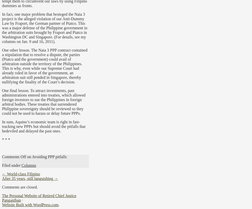  Describe the element at coordinates (43, 126) in the screenshot. I see `'In sum, Aquino’s economic team is right in fast-tracking new PPPs but should avoid the pitfalls that bedeviled and delayed the past ones.'` at that location.